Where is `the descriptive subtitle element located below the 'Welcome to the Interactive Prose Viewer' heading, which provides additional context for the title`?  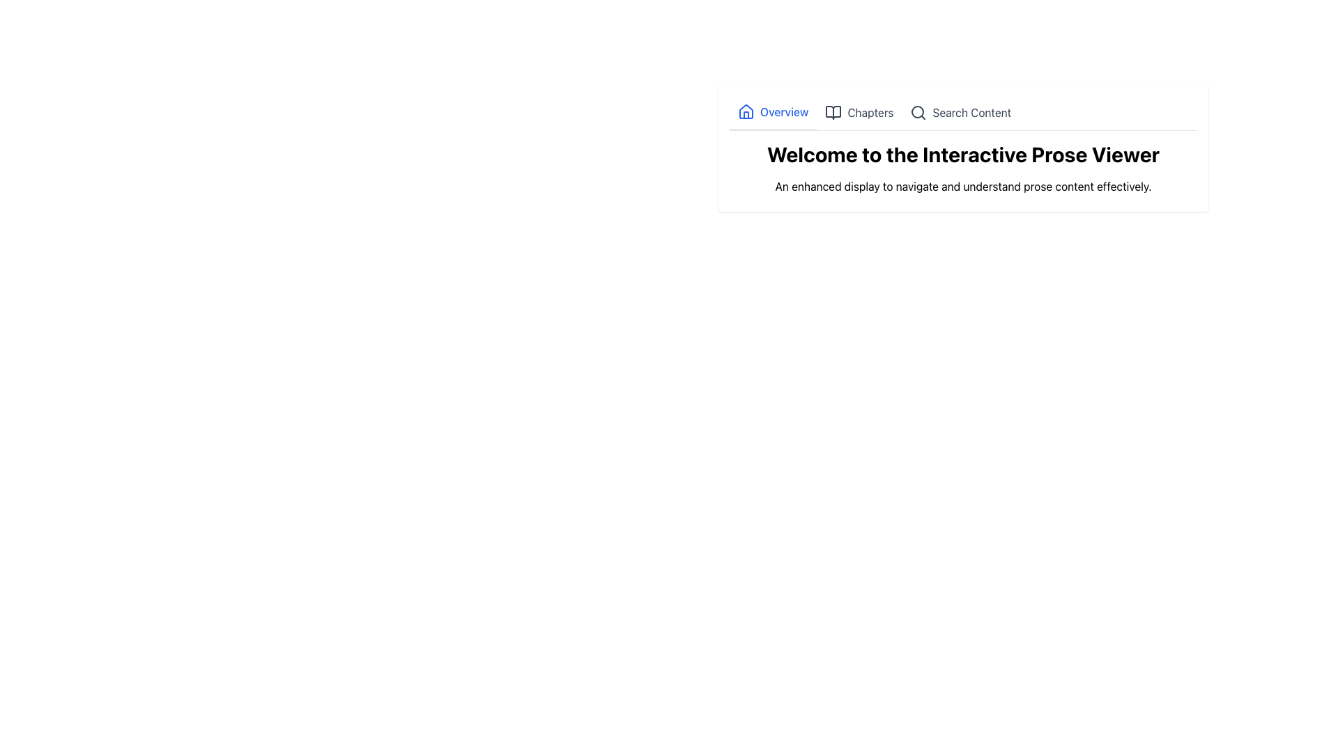
the descriptive subtitle element located below the 'Welcome to the Interactive Prose Viewer' heading, which provides additional context for the title is located at coordinates (962, 185).